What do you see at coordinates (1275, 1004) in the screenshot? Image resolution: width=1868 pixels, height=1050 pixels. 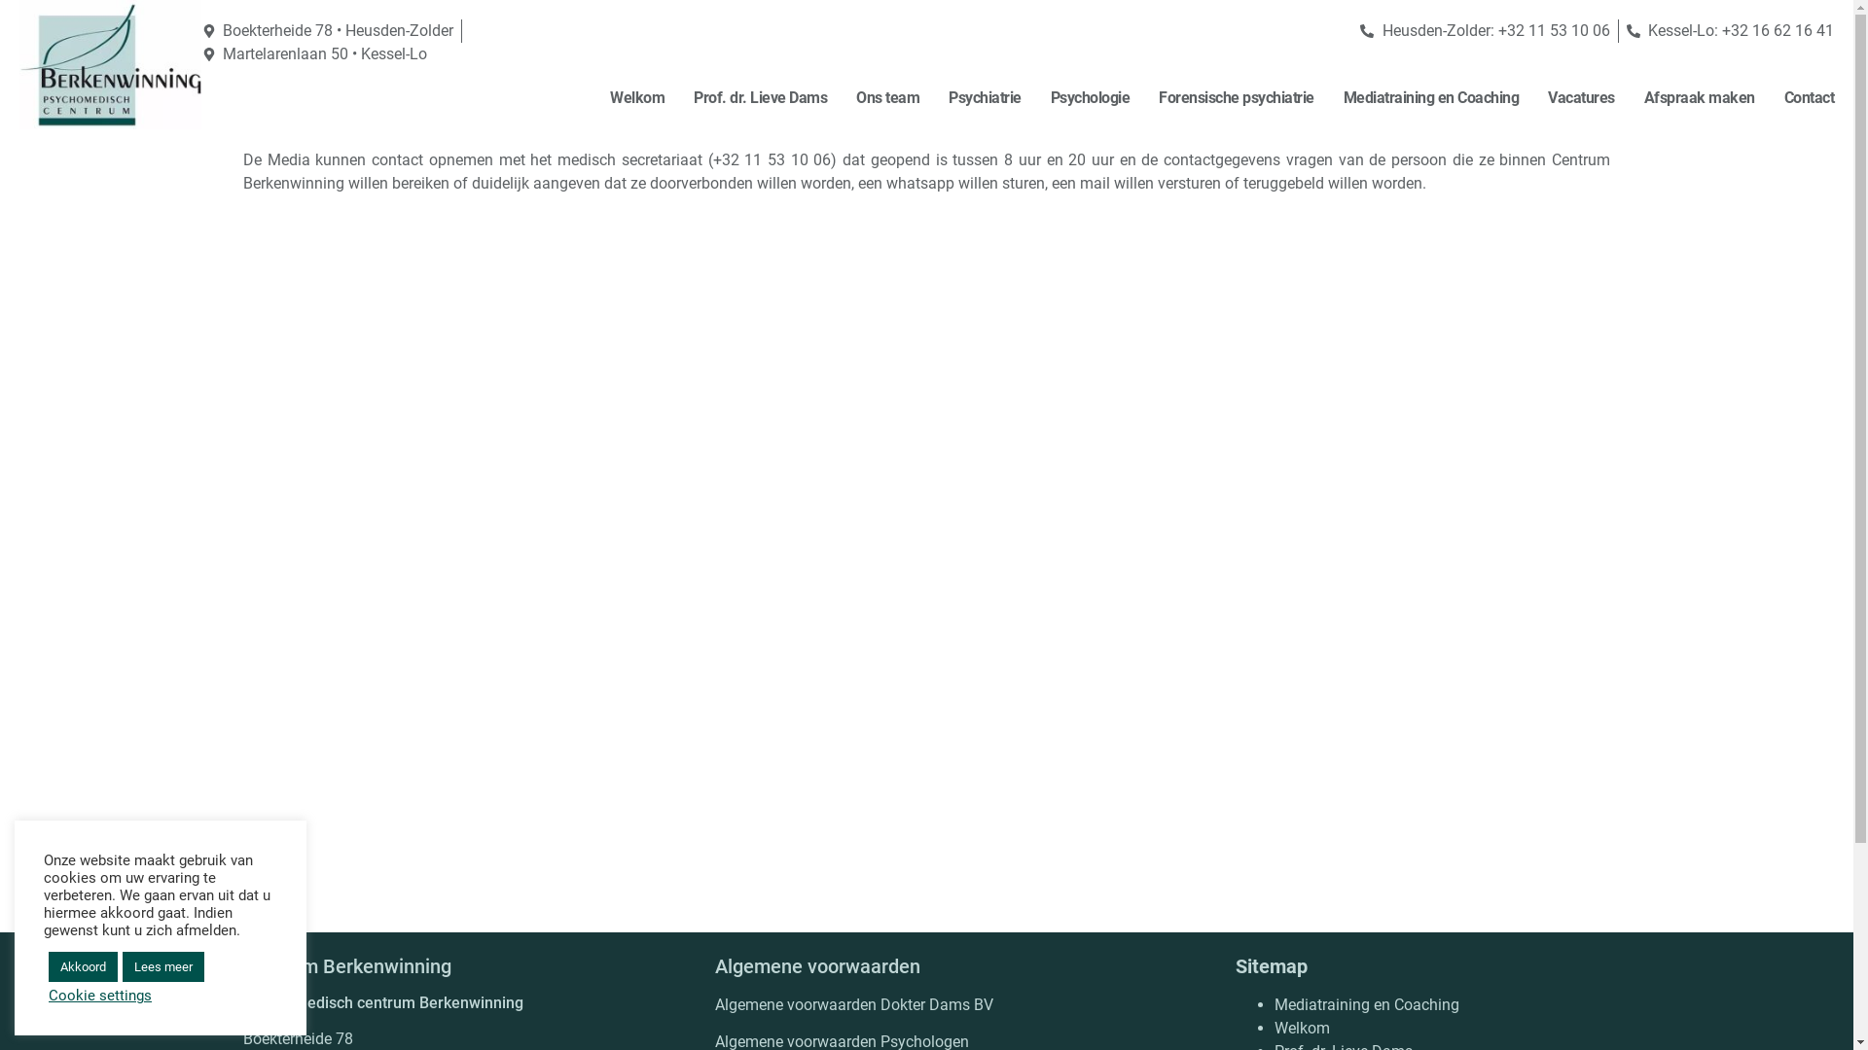 I see `'Mediatraining en Coaching'` at bounding box center [1275, 1004].